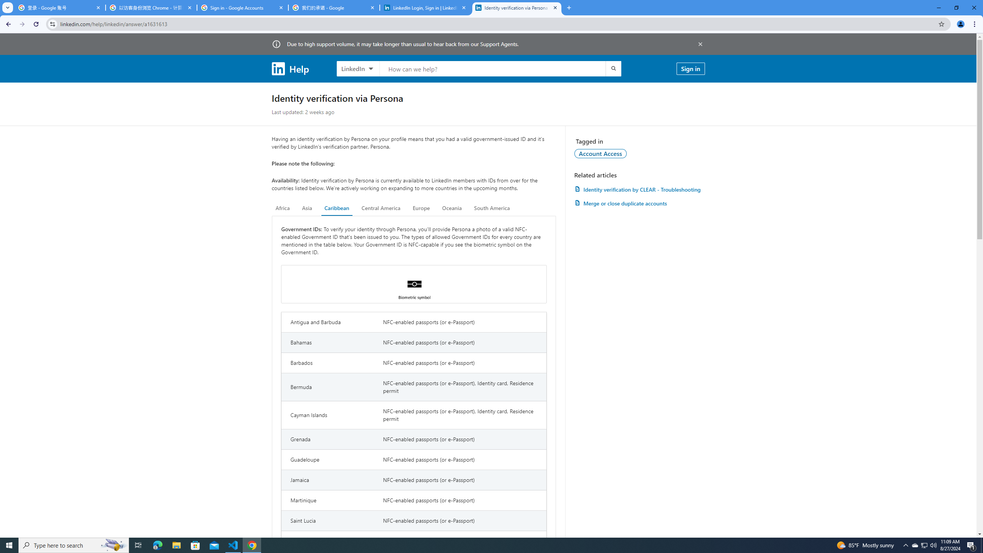 The height and width of the screenshot is (553, 983). What do you see at coordinates (337, 208) in the screenshot?
I see `'Caribbean'` at bounding box center [337, 208].